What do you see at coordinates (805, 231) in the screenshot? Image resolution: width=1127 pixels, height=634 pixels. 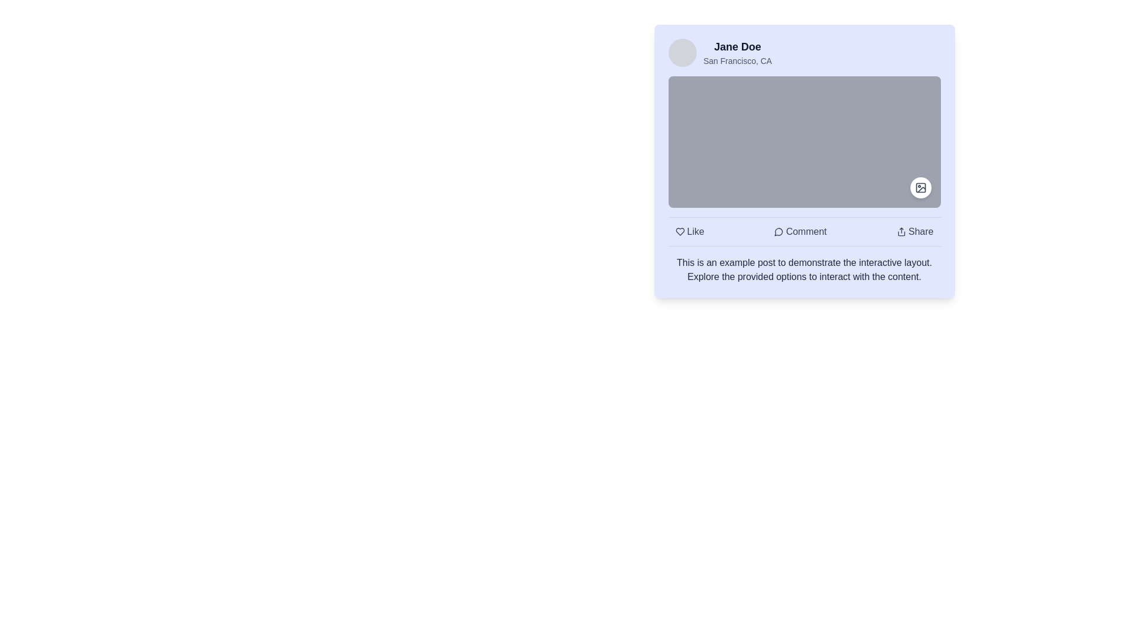 I see `the 'Comment' label located in the horizontal toolbar below the main content of a post to observe styling changes` at bounding box center [805, 231].